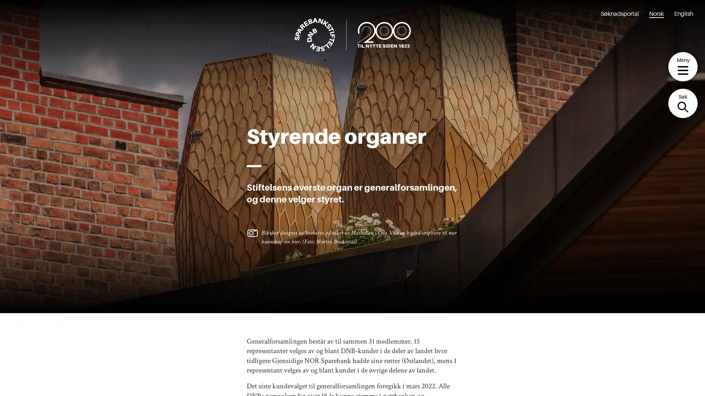  Describe the element at coordinates (683, 66) in the screenshot. I see `Meny Meny` at that location.